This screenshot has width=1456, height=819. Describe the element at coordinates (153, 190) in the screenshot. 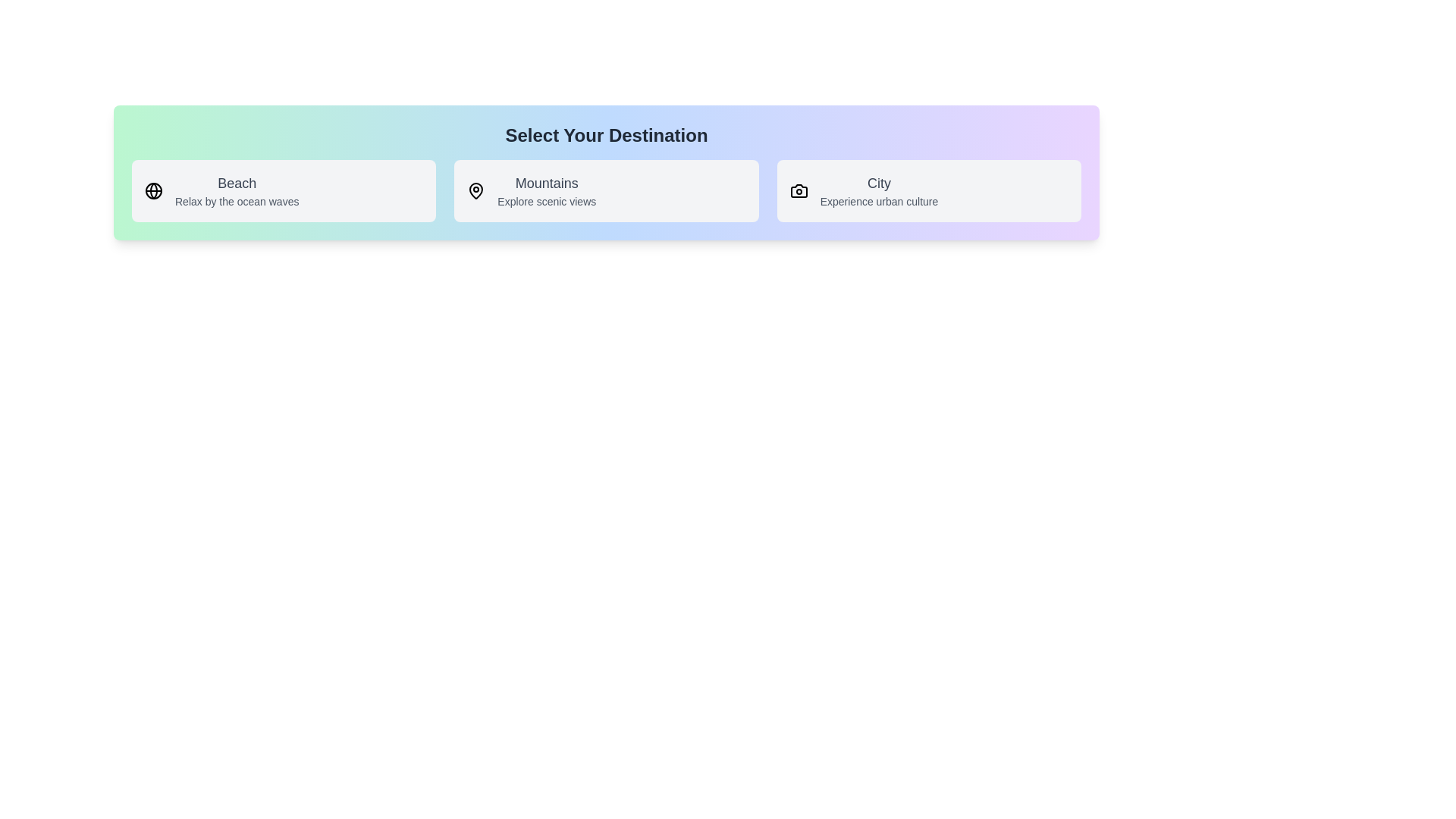

I see `the middle part of the globe icon, which is a decorative line representing an international theme in the 'Beach' destination card on the left side of the 'Select Your Destination' interface` at that location.